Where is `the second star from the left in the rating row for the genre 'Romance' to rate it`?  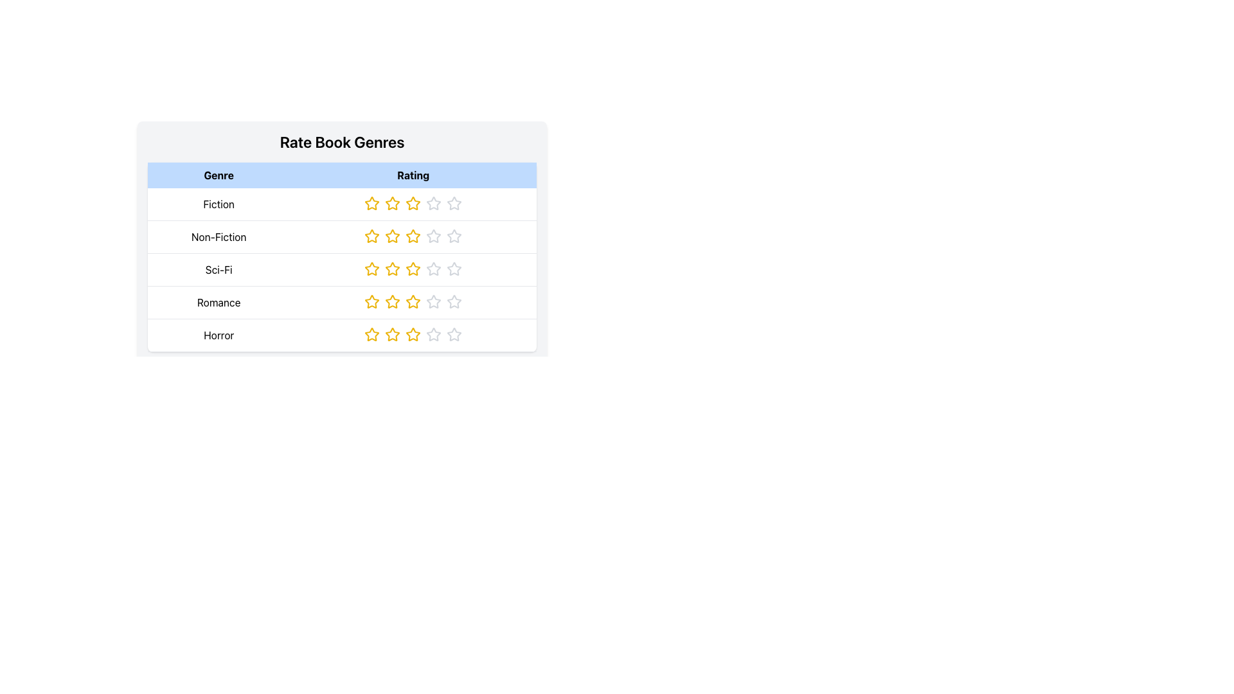
the second star from the left in the rating row for the genre 'Romance' to rate it is located at coordinates (392, 302).